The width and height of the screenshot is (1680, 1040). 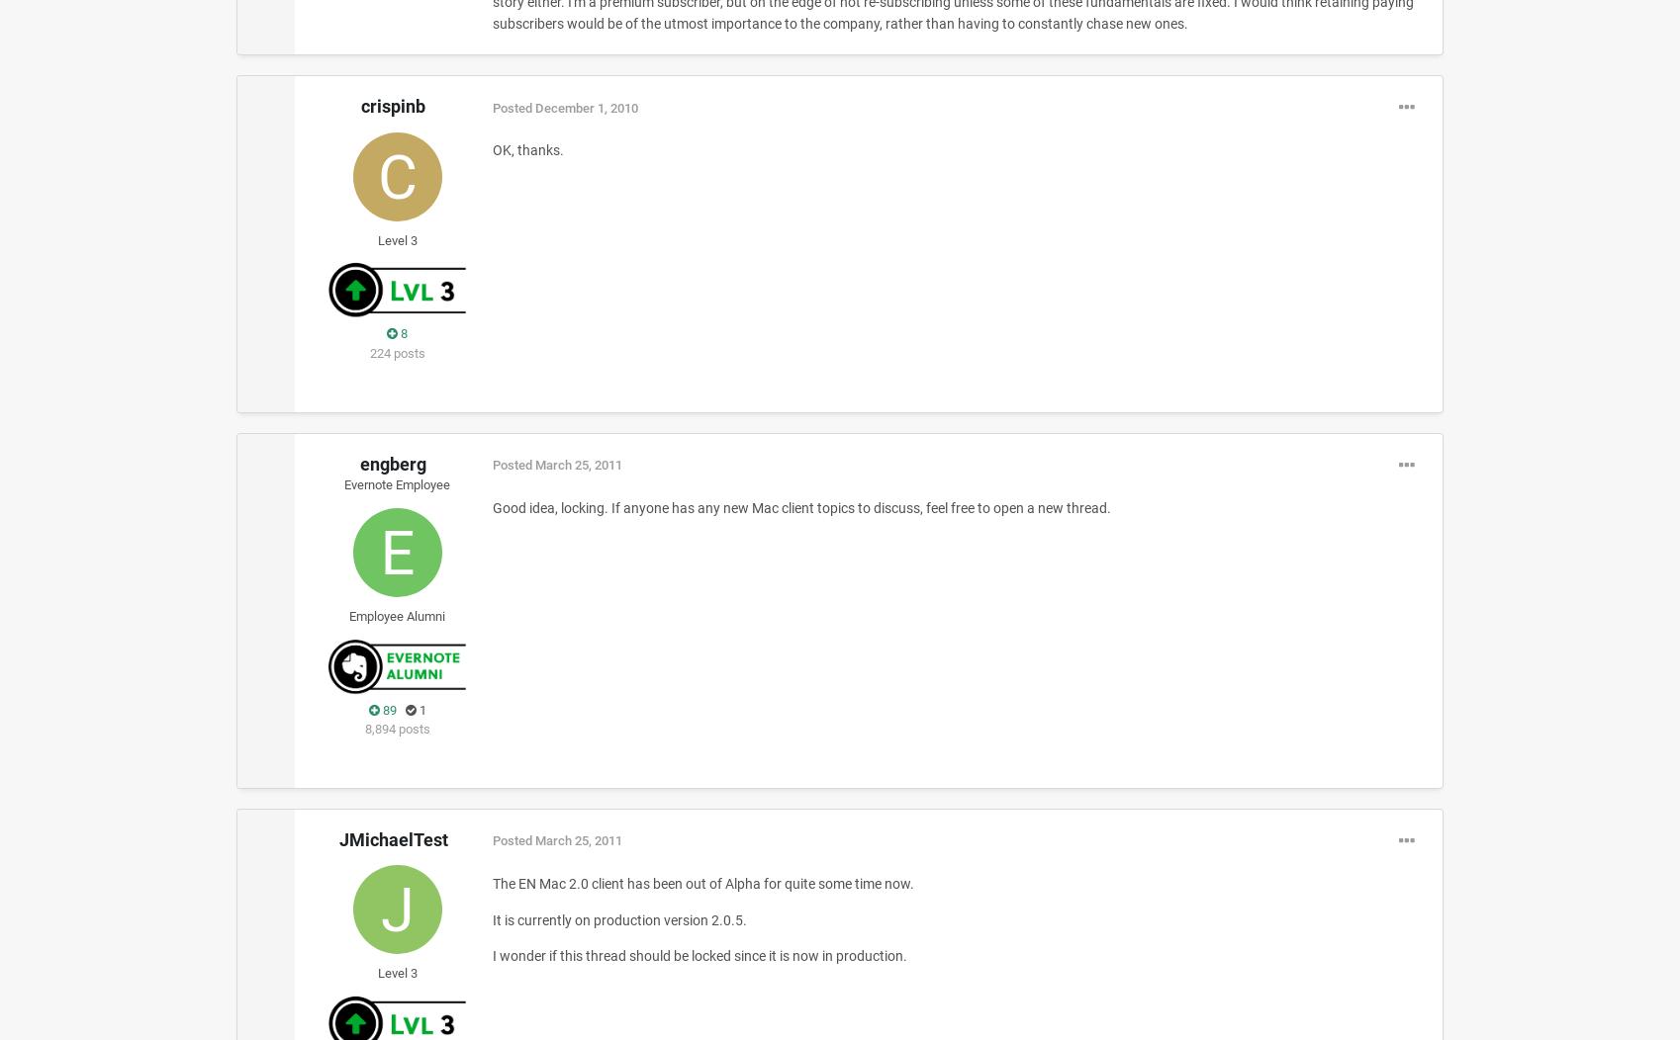 What do you see at coordinates (387, 709) in the screenshot?
I see `'89'` at bounding box center [387, 709].